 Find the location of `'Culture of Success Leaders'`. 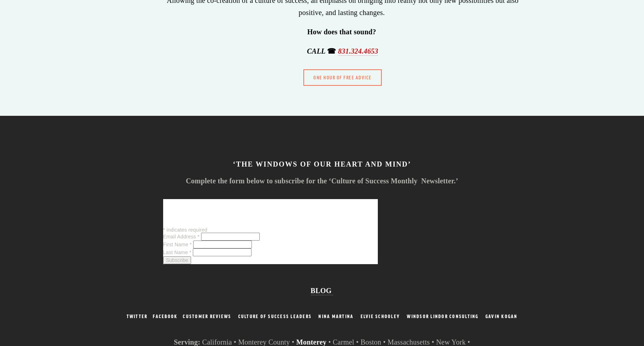

'Culture of Success Leaders' is located at coordinates (274, 316).